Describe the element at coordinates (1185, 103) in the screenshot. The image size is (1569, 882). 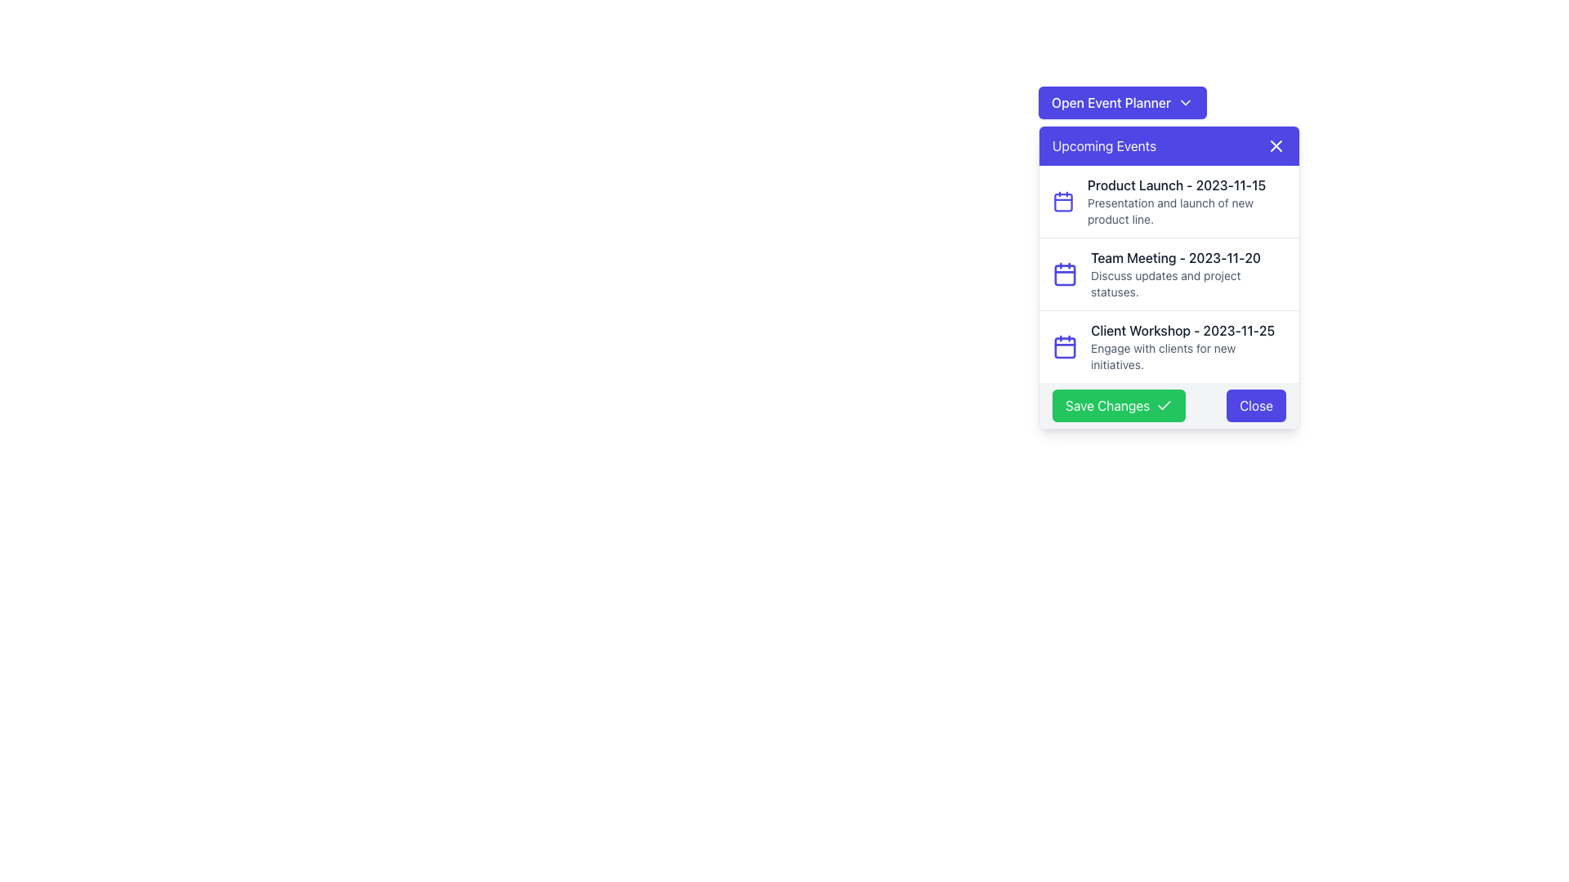
I see `the downward chevron icon indicating dropdown functionality next to the 'Open Event Planner' button` at that location.